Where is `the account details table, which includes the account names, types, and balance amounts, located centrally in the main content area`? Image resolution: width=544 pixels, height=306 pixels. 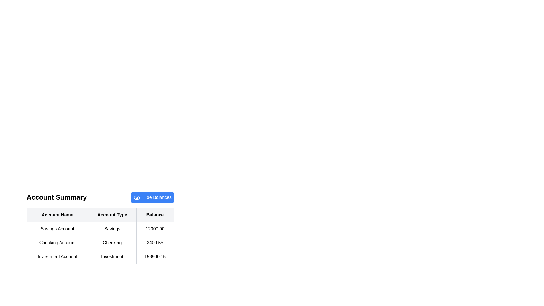
the account details table, which includes the account names, types, and balance amounts, located centrally in the main content area is located at coordinates (100, 227).